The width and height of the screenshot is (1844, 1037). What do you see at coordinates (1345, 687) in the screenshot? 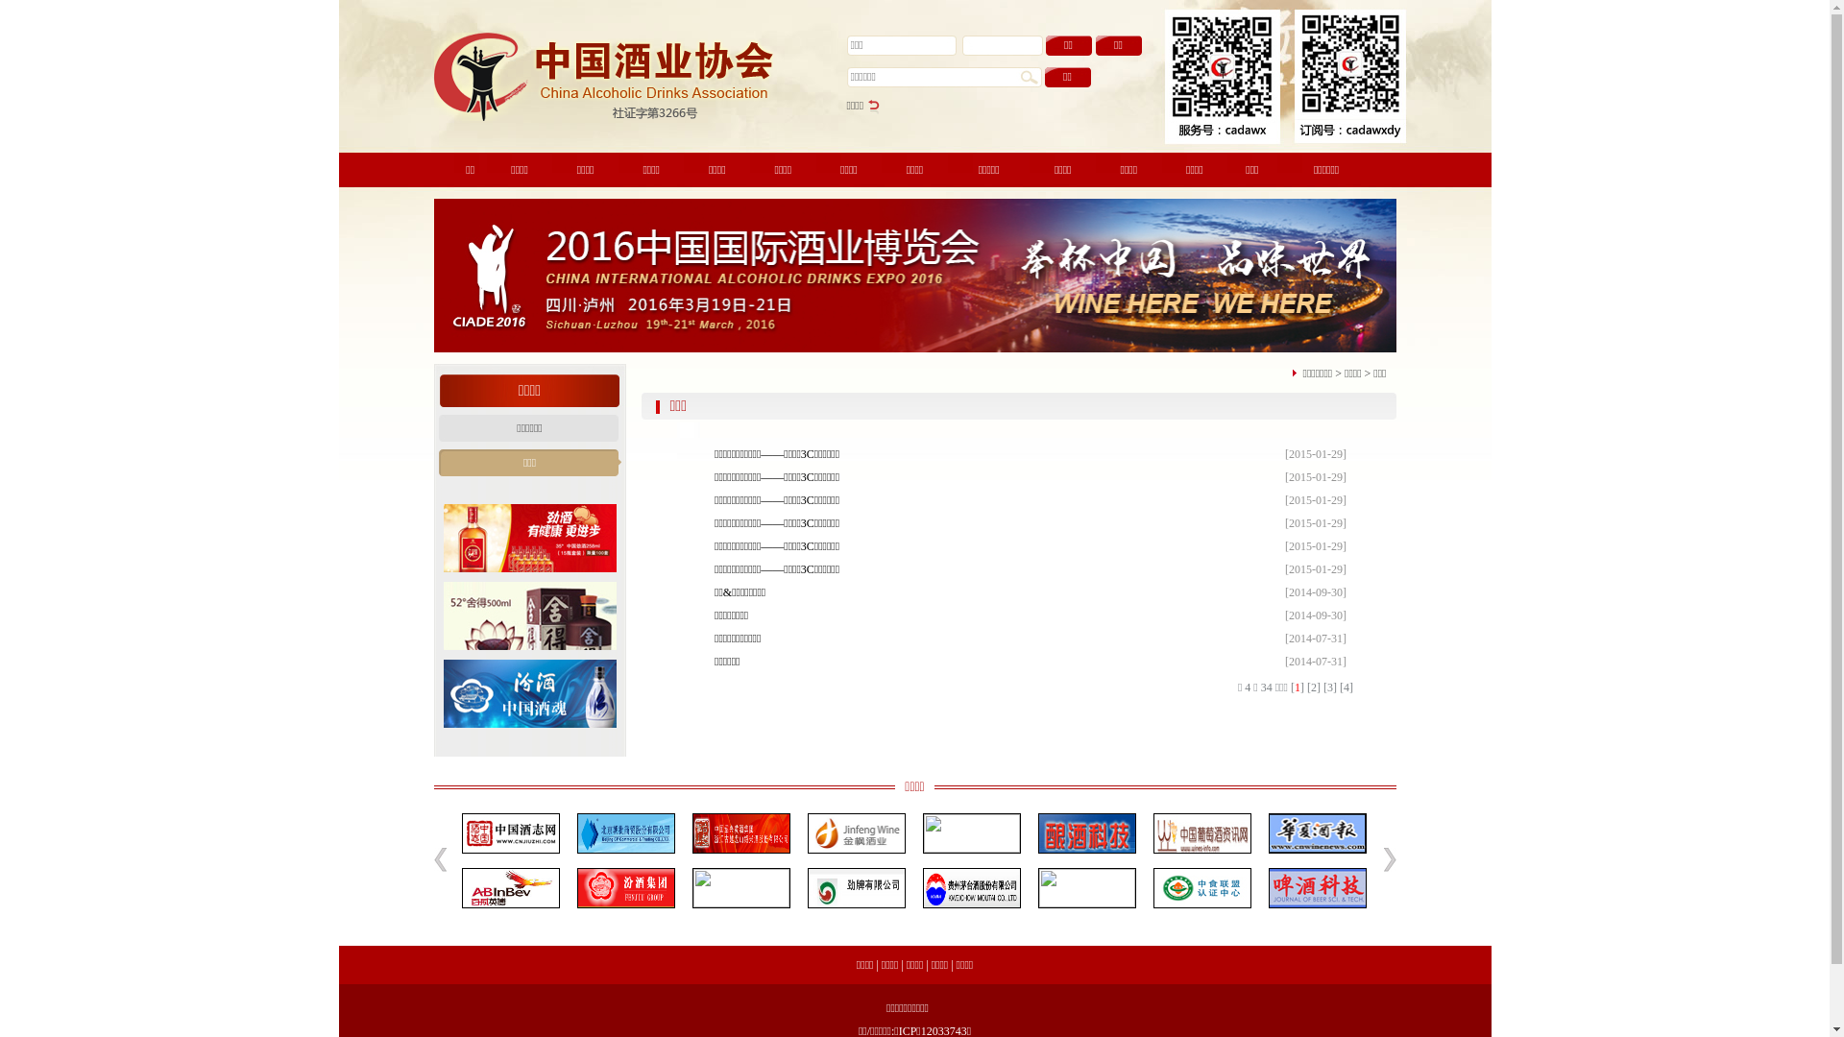
I see `'[4]'` at bounding box center [1345, 687].